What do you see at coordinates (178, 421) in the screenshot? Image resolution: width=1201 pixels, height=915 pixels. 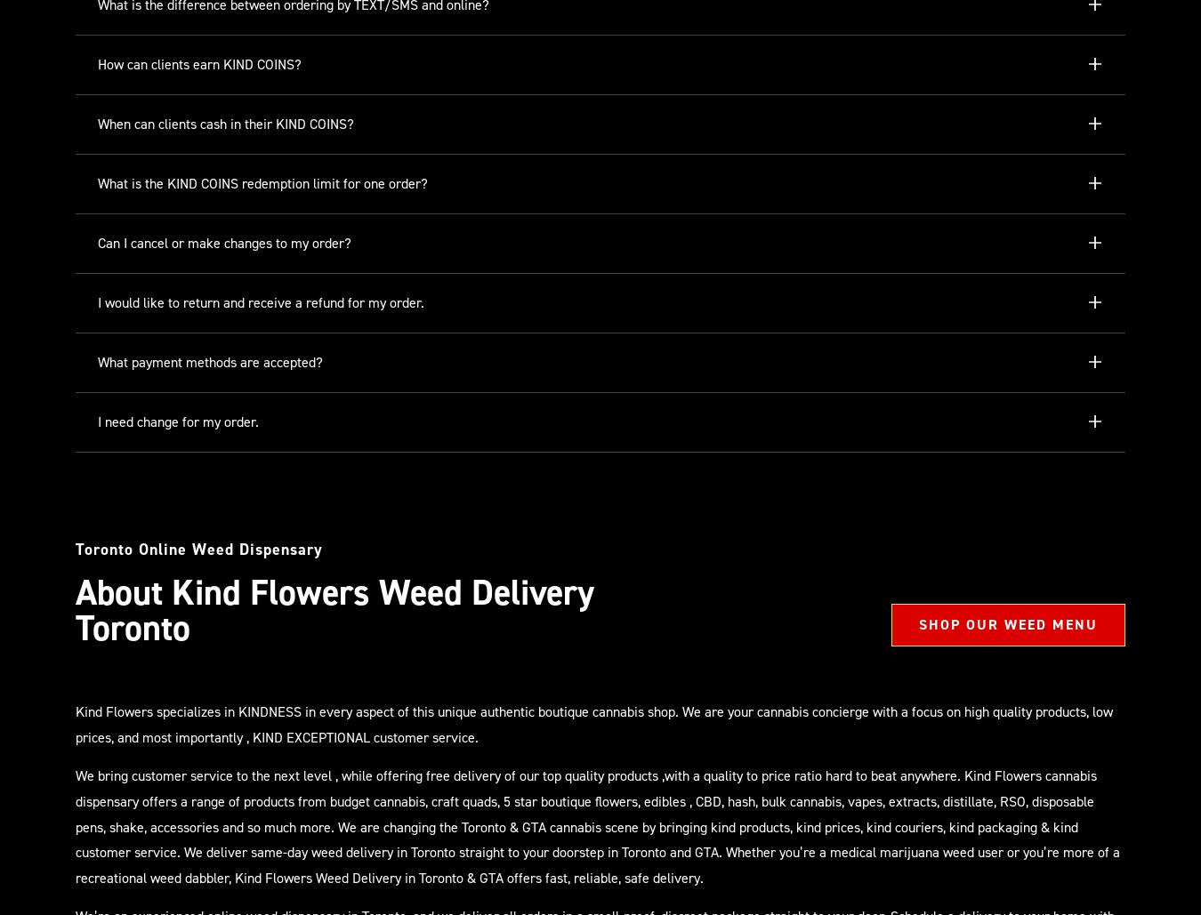 I see `'I need change for my order.'` at bounding box center [178, 421].